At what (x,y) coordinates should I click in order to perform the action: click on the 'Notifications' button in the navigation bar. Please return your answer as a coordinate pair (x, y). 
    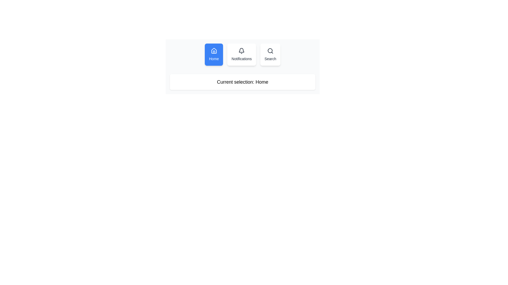
    Looking at the image, I should click on (242, 55).